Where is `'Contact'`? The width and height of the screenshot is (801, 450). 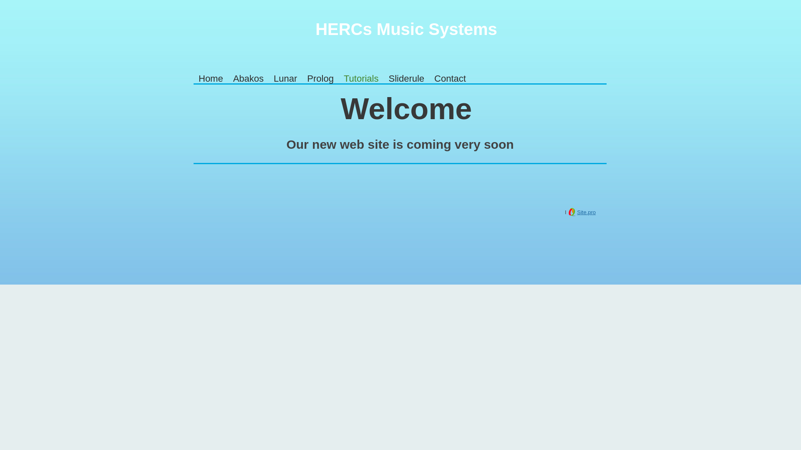
'Contact' is located at coordinates (450, 79).